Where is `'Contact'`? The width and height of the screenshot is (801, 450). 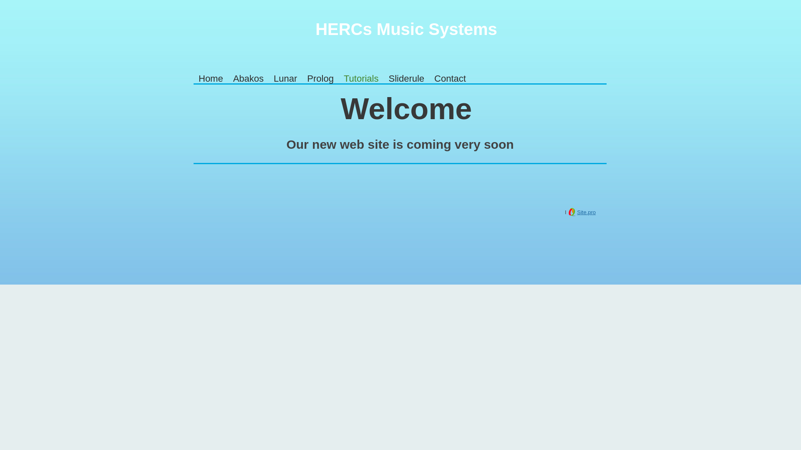
'Contact' is located at coordinates (450, 79).